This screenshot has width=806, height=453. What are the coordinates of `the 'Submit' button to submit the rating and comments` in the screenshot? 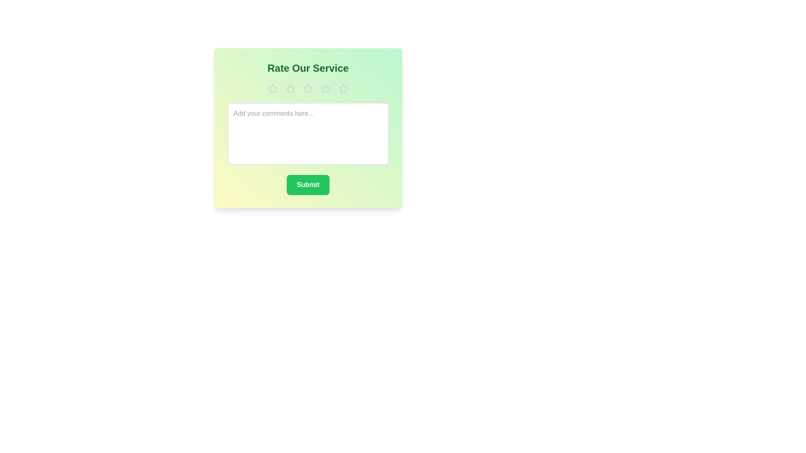 It's located at (308, 184).